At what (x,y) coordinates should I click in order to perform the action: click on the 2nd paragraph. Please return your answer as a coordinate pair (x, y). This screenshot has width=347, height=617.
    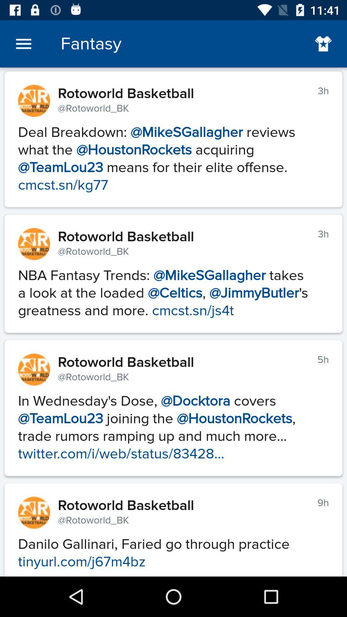
    Looking at the image, I should click on (173, 289).